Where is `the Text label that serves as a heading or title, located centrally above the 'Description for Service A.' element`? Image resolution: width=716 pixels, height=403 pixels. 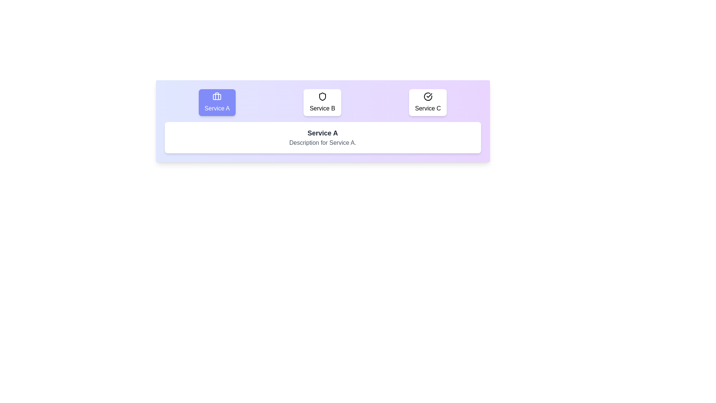
the Text label that serves as a heading or title, located centrally above the 'Description for Service A.' element is located at coordinates (323, 133).